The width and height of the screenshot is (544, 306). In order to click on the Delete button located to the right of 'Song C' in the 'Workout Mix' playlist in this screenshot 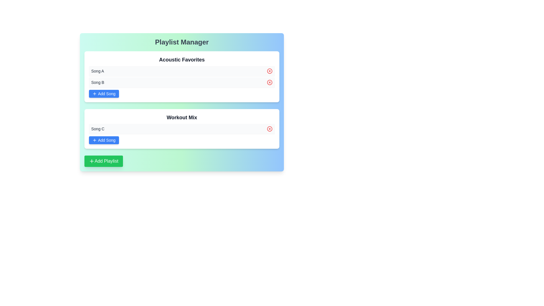, I will do `click(269, 129)`.